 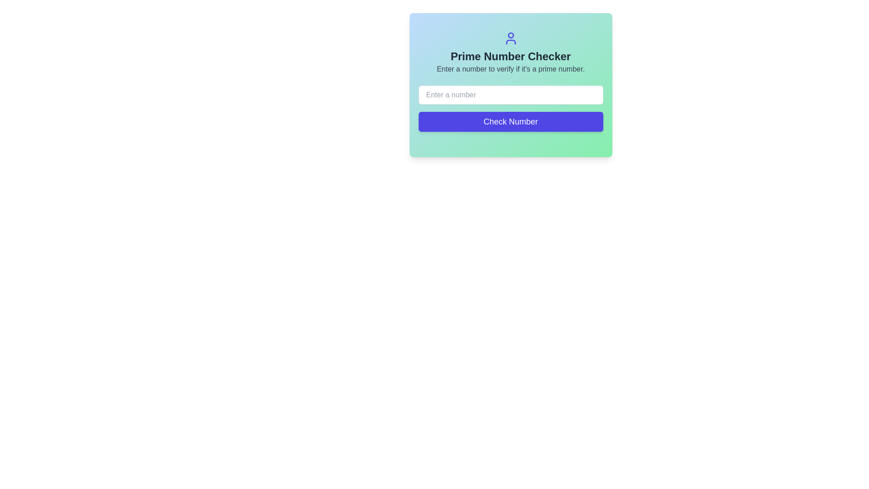 What do you see at coordinates (511, 35) in the screenshot?
I see `the circular shape representing the user's head in the SVG graphic located at the center-top of the interface` at bounding box center [511, 35].